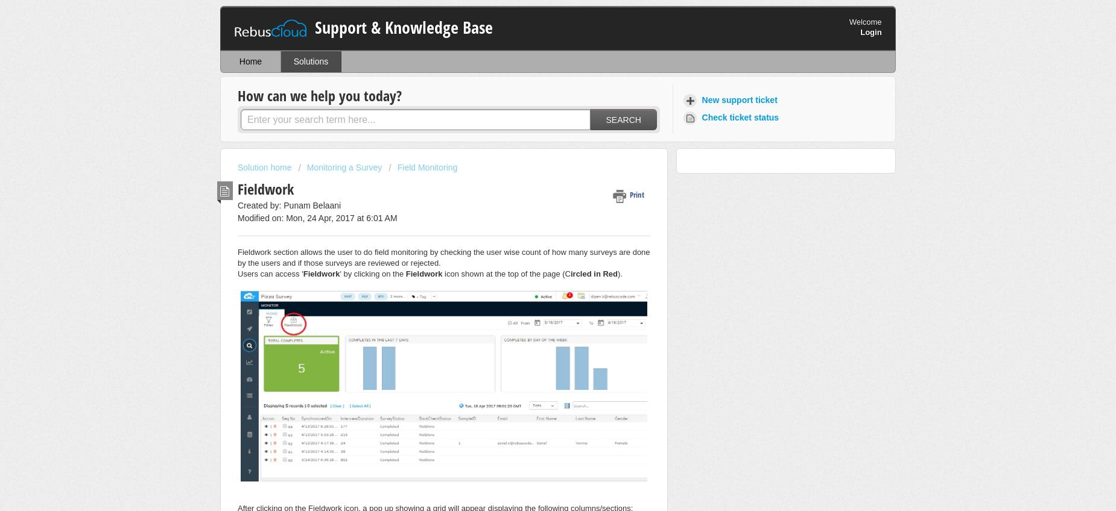 This screenshot has width=1116, height=511. I want to click on 'How can we help you today?', so click(320, 95).